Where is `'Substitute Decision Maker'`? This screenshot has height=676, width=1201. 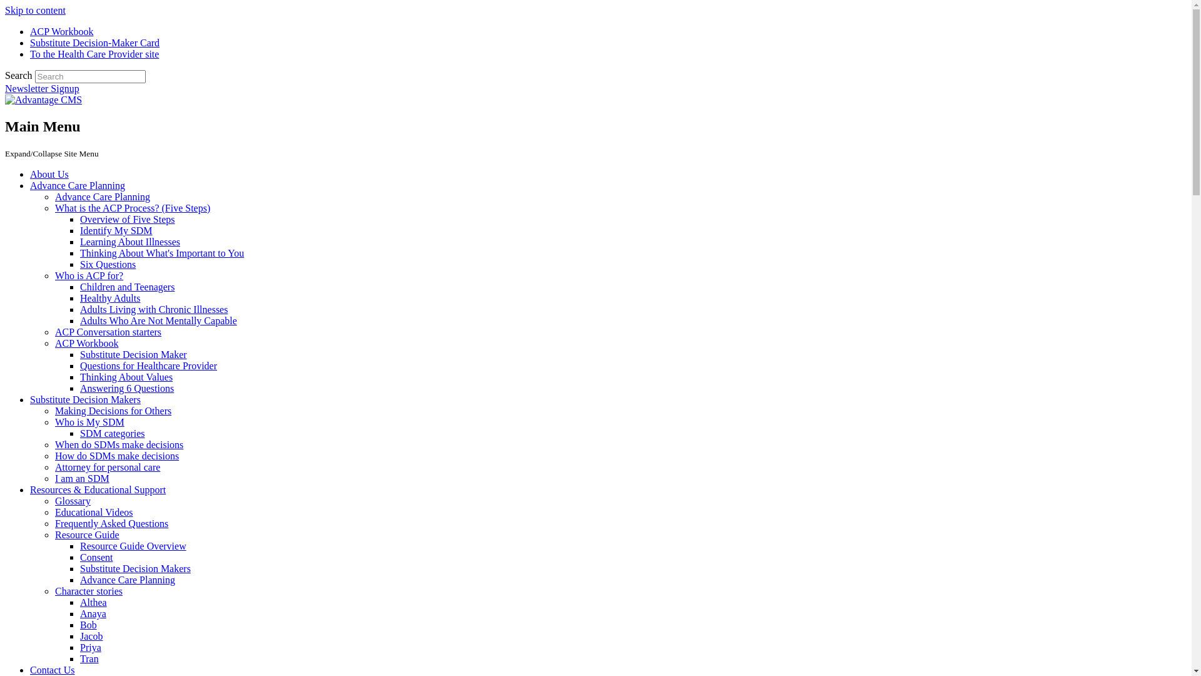 'Substitute Decision Maker' is located at coordinates (133, 354).